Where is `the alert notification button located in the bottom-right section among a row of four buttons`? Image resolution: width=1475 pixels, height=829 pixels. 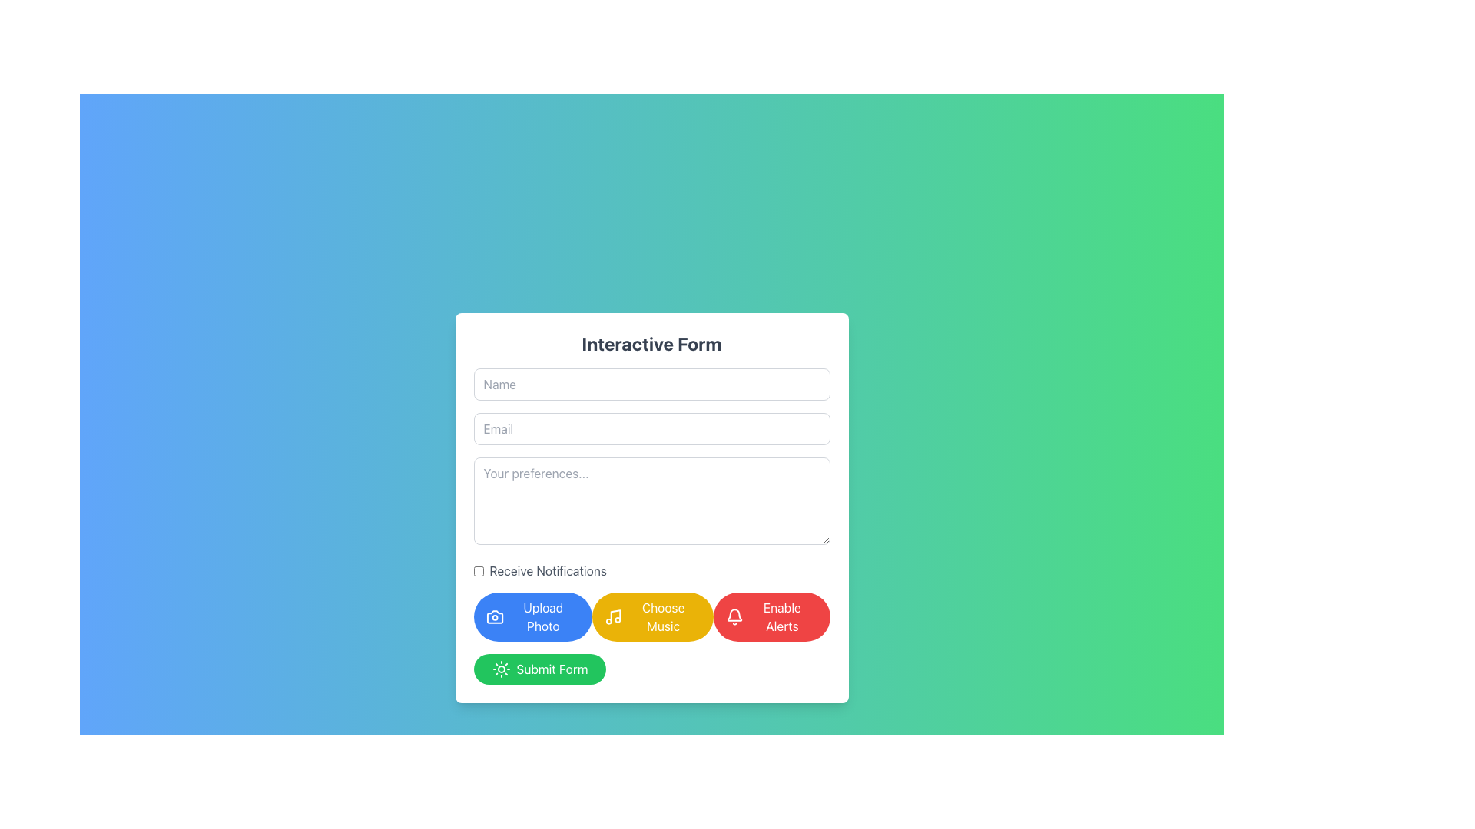 the alert notification button located in the bottom-right section among a row of four buttons is located at coordinates (781, 616).